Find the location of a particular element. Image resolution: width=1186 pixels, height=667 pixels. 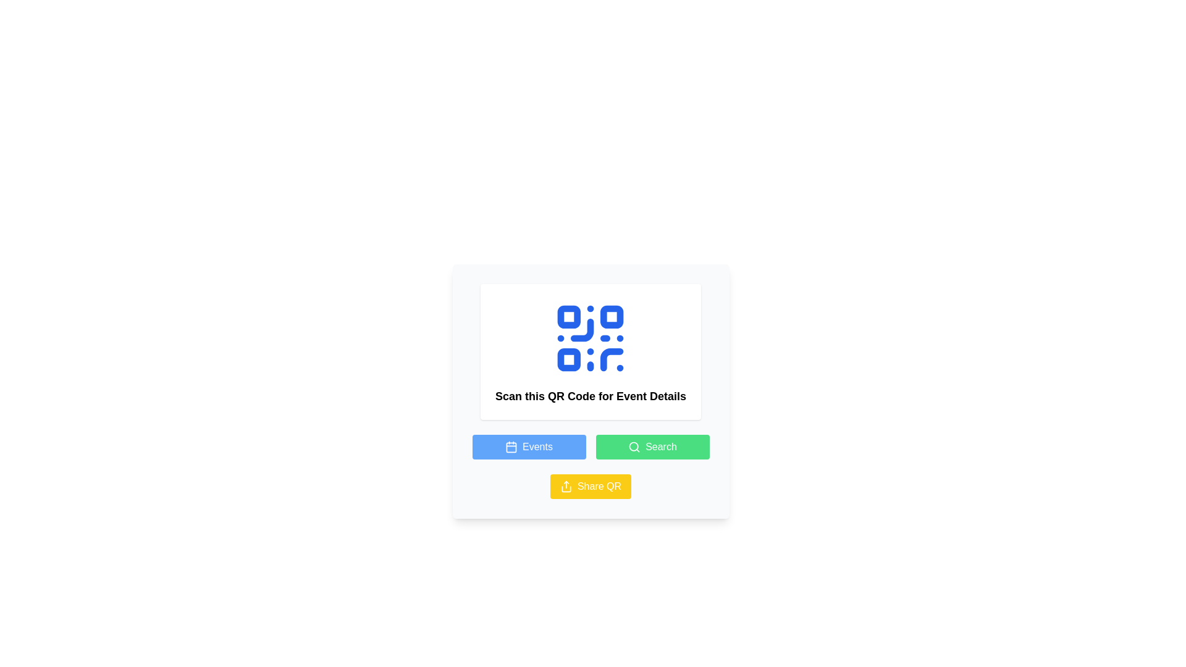

the second square in the top row of the QR code, which is adjacent to the first square on the left and styled in blue is located at coordinates (612, 316).